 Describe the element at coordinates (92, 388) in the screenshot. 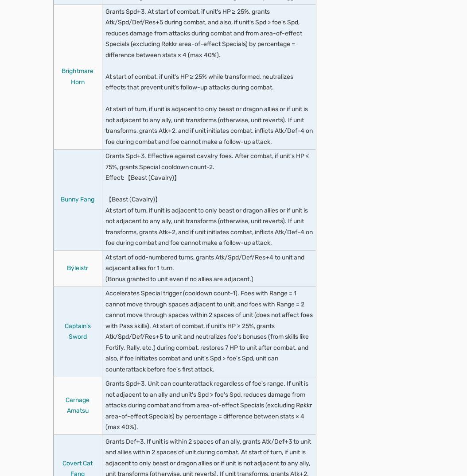

I see `'Spur Atk 3'` at that location.